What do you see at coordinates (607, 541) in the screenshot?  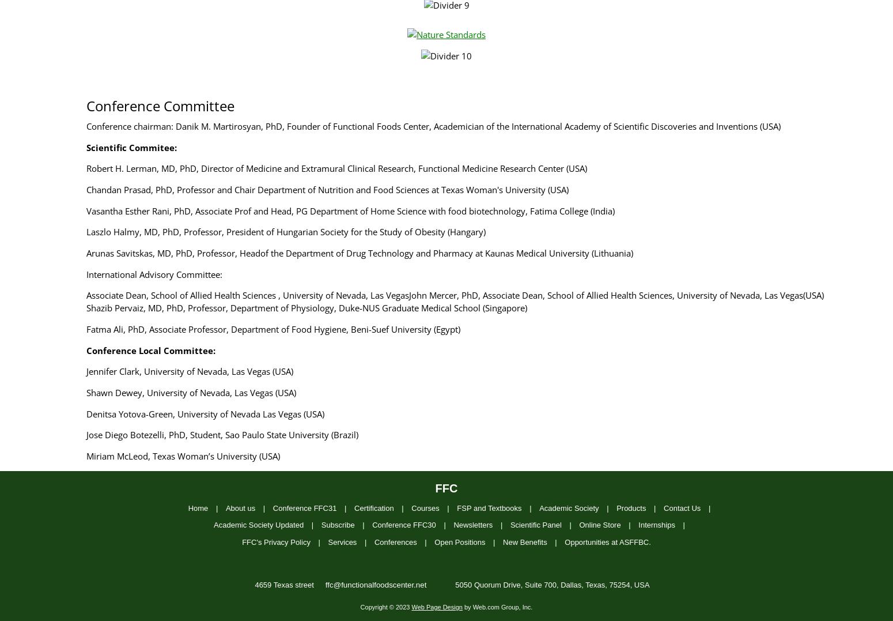 I see `'Opportunities at ASFFBC.'` at bounding box center [607, 541].